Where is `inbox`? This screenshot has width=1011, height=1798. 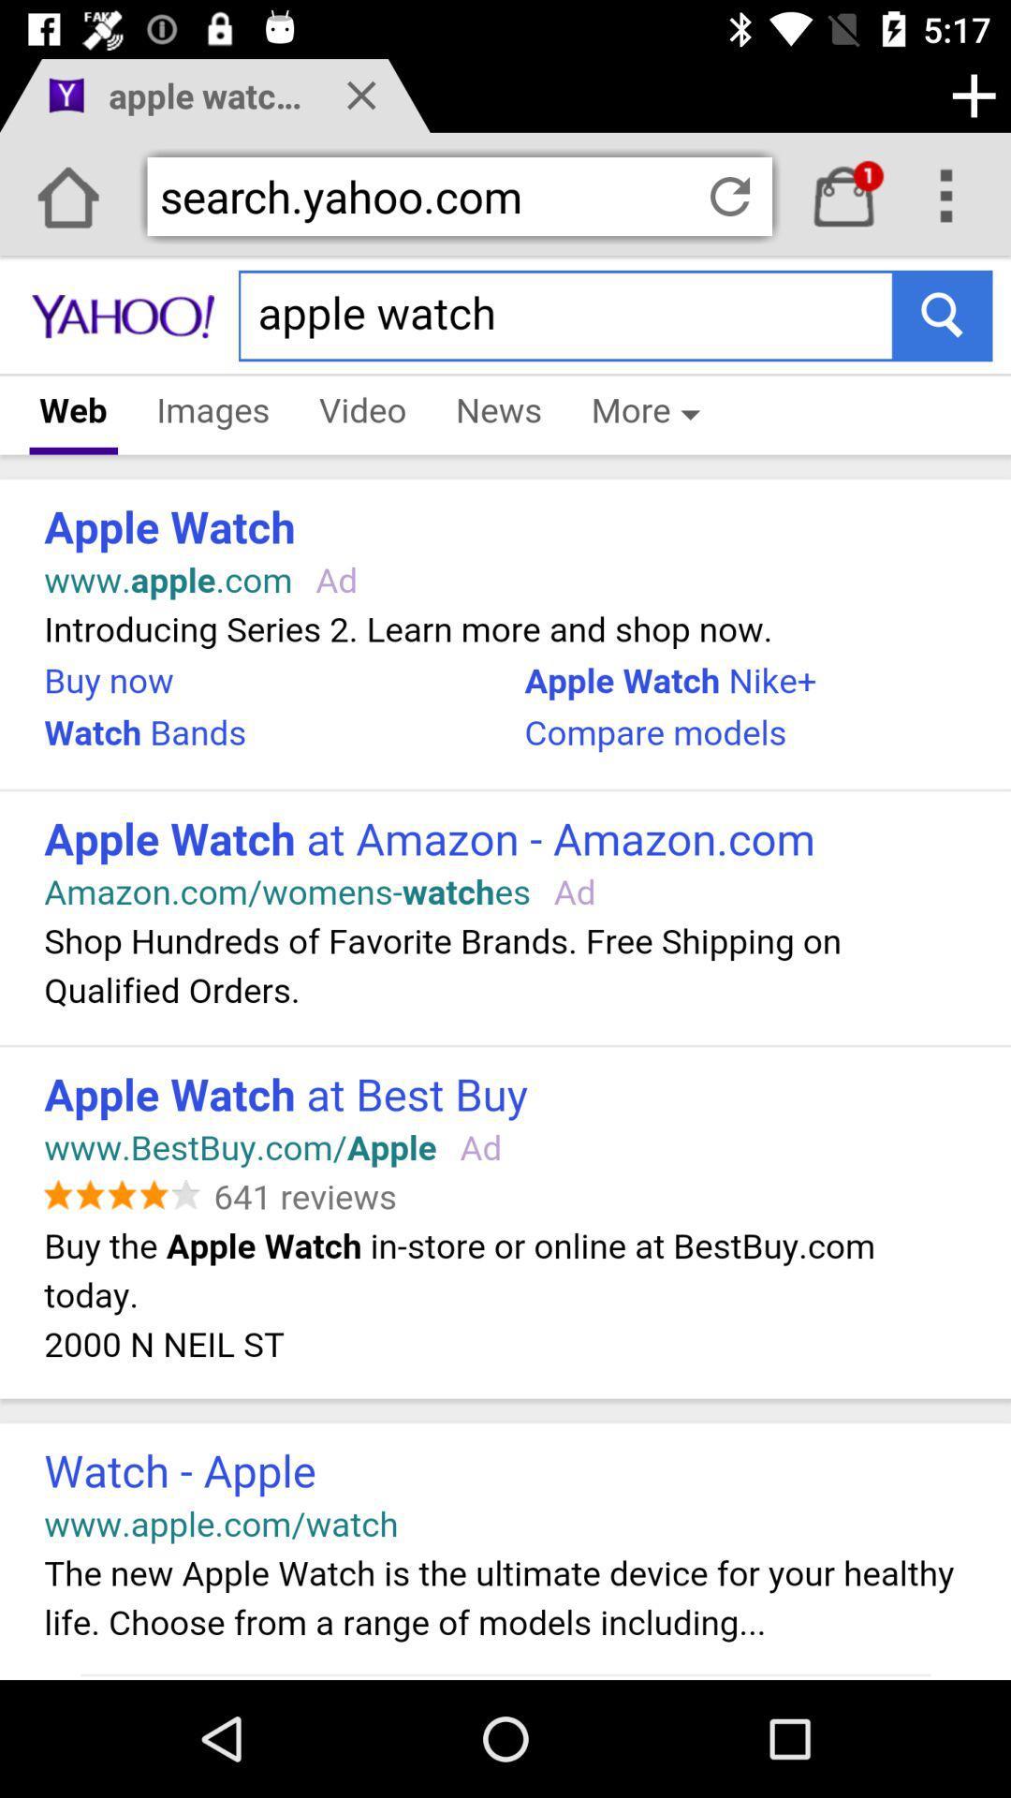
inbox is located at coordinates (843, 197).